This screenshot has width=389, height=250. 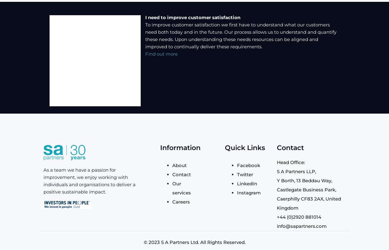 I want to click on 'Careers', so click(x=181, y=201).